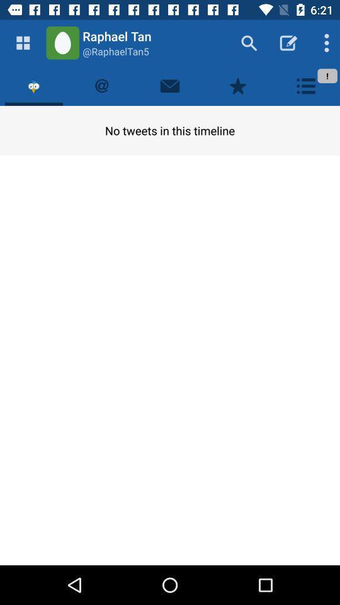  Describe the element at coordinates (238, 85) in the screenshot. I see `favorites` at that location.